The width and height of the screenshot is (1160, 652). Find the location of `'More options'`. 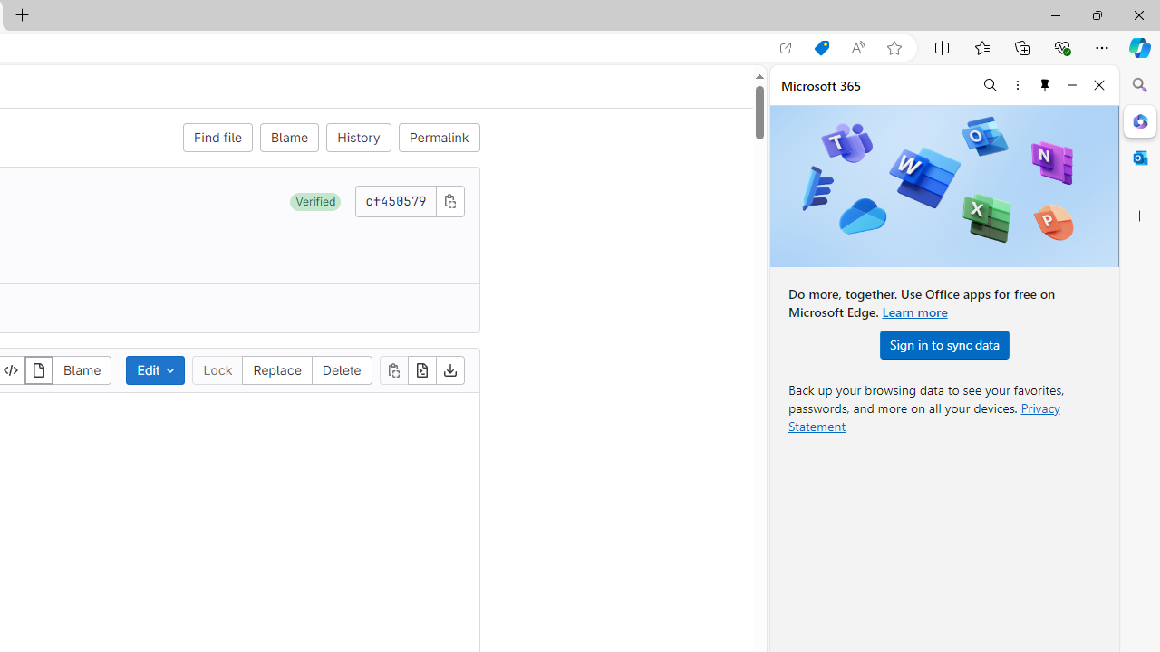

'More options' is located at coordinates (1017, 84).